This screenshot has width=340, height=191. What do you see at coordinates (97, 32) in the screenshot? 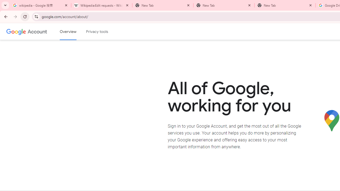
I see `'Privacy tools'` at bounding box center [97, 32].